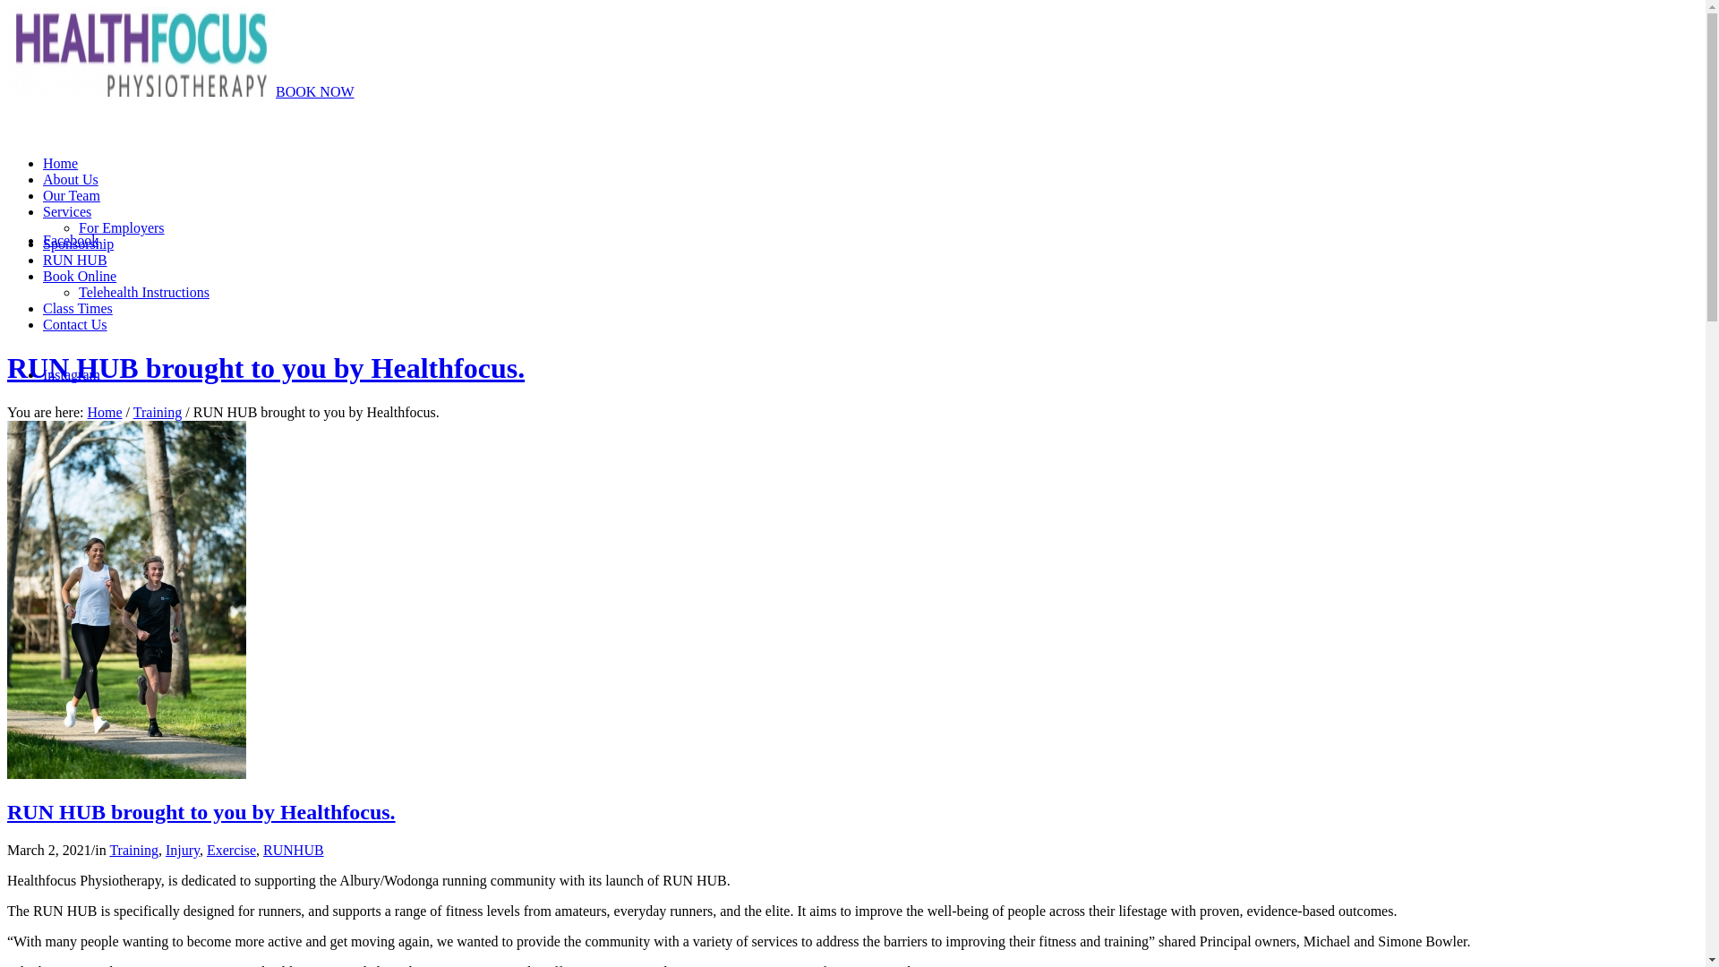 The height and width of the screenshot is (967, 1719). Describe the element at coordinates (67, 210) in the screenshot. I see `'Services'` at that location.